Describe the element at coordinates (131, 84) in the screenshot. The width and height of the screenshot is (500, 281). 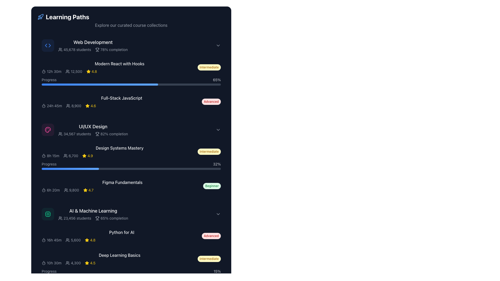
I see `the title of the 'Modern React with Hooks' course in the Course Overview Component` at that location.